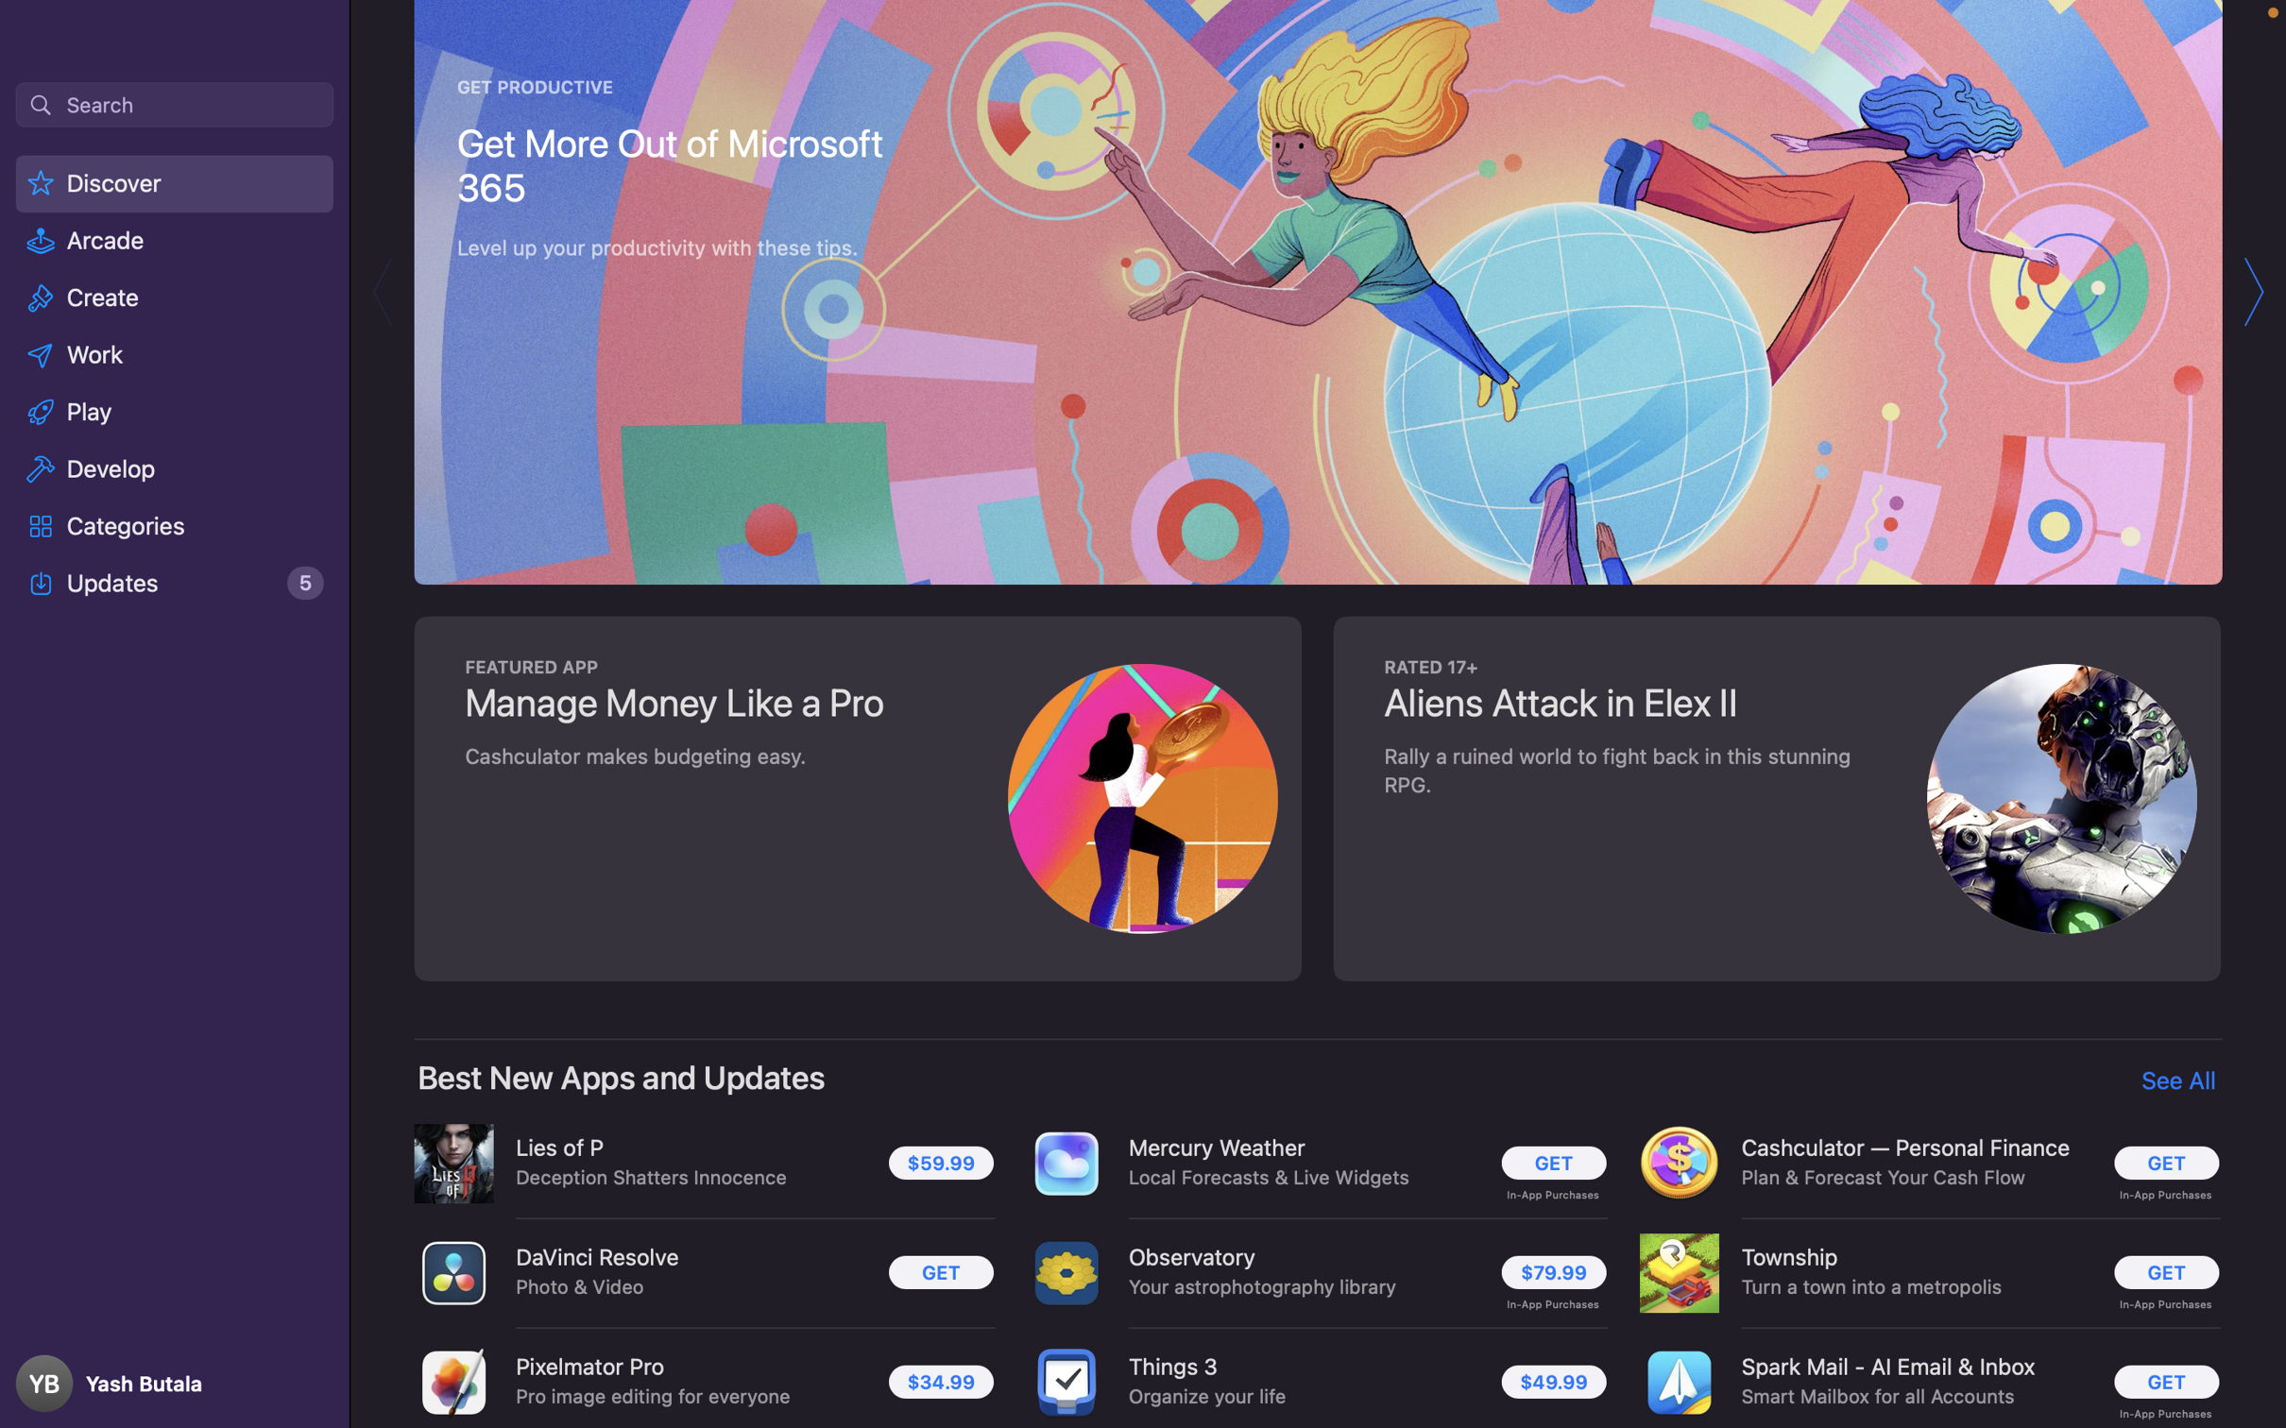 Image resolution: width=2286 pixels, height=1428 pixels. Describe the element at coordinates (175, 352) in the screenshot. I see `the work related applications for Mac` at that location.